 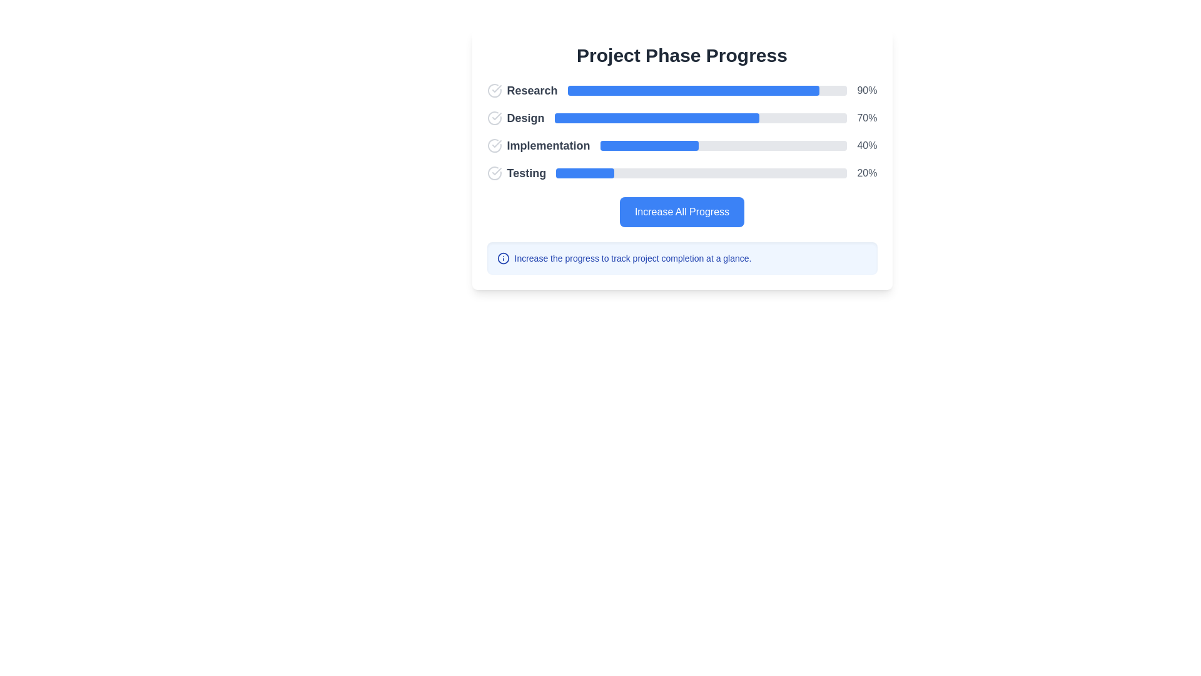 What do you see at coordinates (866, 173) in the screenshot?
I see `the gray text label displaying '20%' that is located to the right of the progress bar labeled 'Testing' within the 'Project Phase Progress' section` at bounding box center [866, 173].